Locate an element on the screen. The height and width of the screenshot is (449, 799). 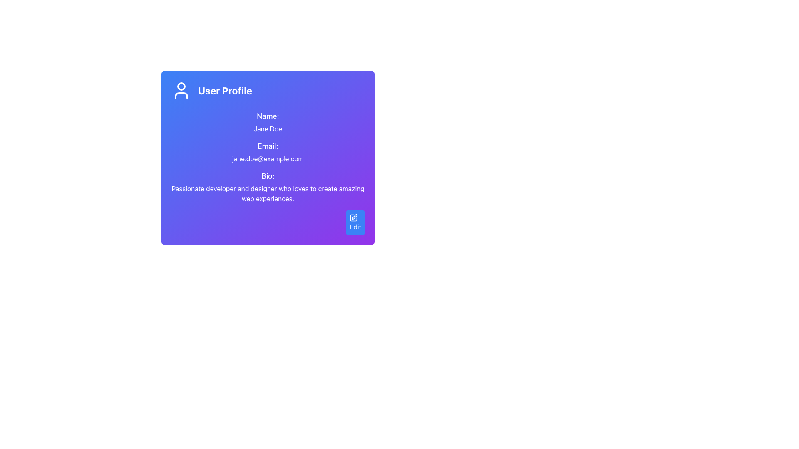
the 'Bio:' text label, which is styled with a larger font size and medium-weight typography, positioned centrally above the user's biography paragraph is located at coordinates (268, 176).